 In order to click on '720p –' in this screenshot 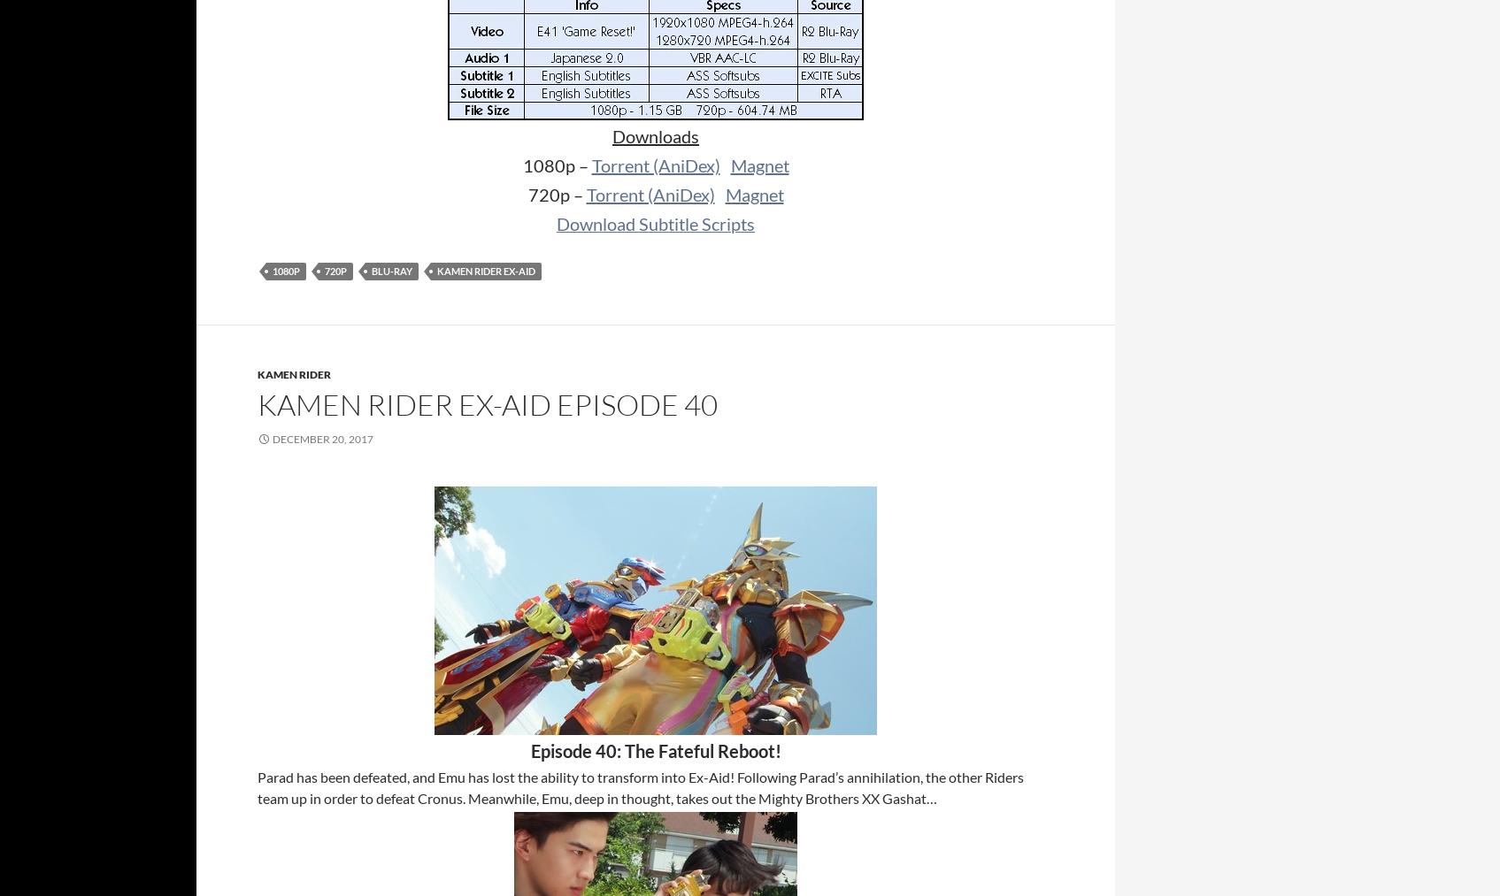, I will do `click(526, 194)`.